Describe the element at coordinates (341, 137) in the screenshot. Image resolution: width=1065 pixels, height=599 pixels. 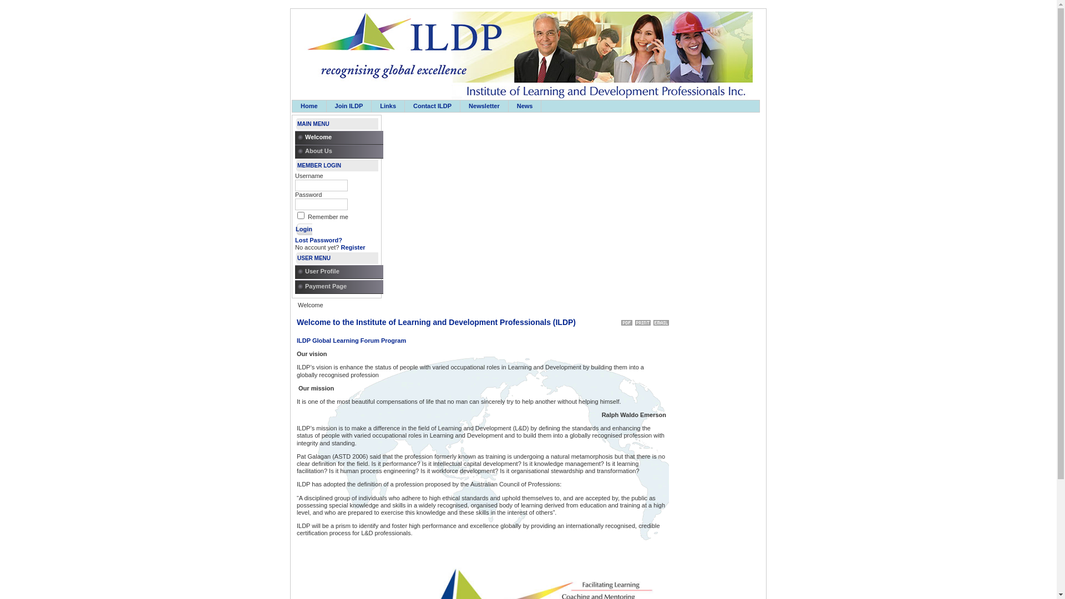
I see `'Welcome'` at that location.